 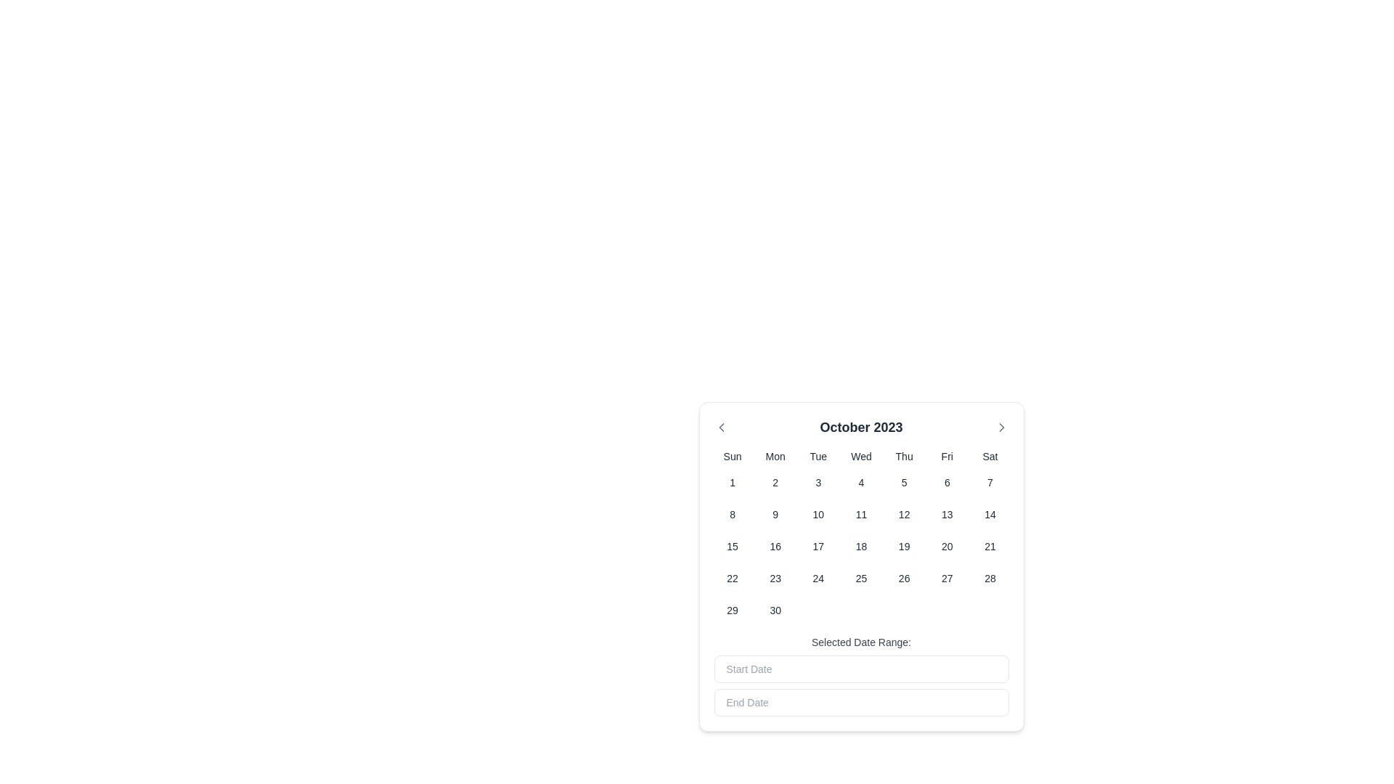 I want to click on the label indicating Thursday in the calendar interface, which is the fifth day abbreviation in the top row of the seven-column grid, so click(x=903, y=455).